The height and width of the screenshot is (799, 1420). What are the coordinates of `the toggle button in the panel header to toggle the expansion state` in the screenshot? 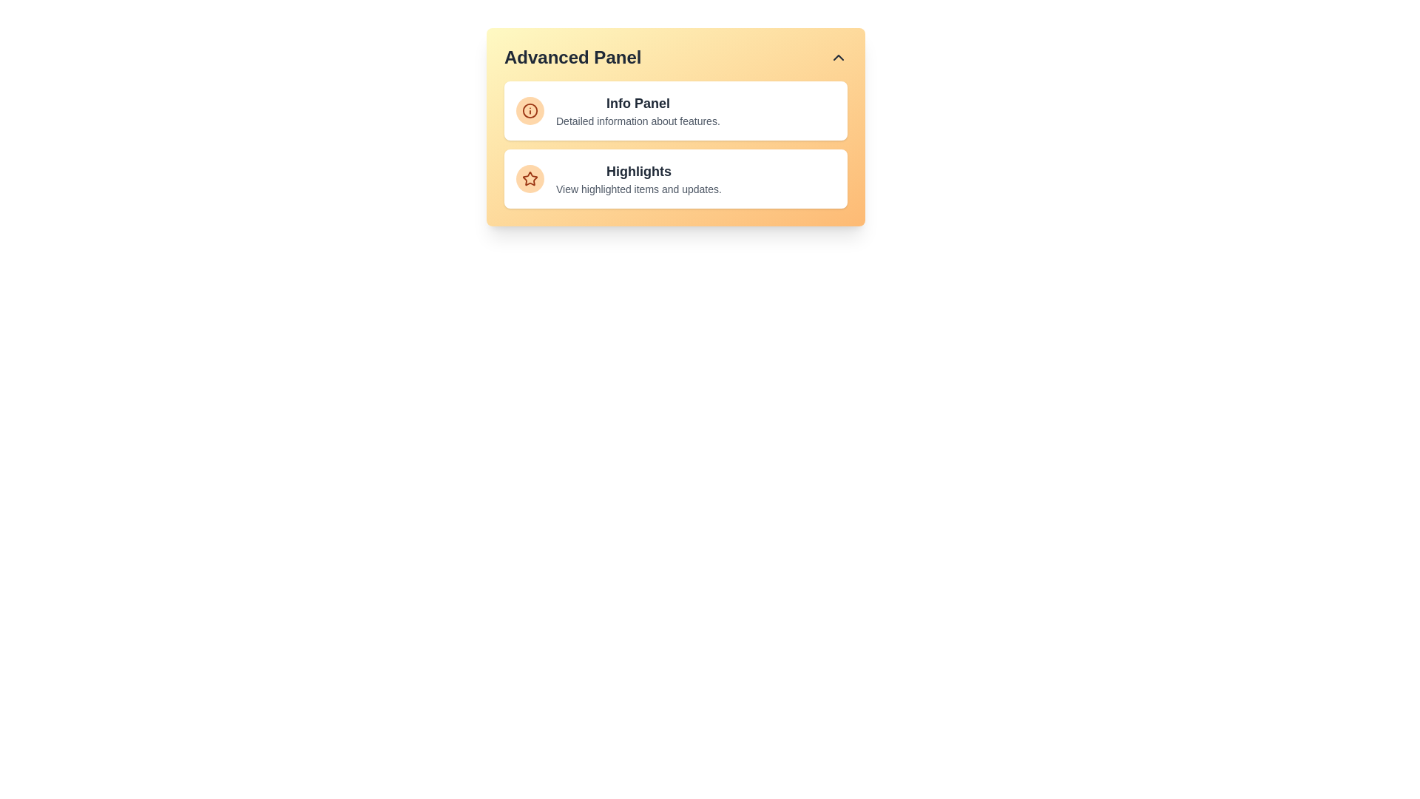 It's located at (838, 56).